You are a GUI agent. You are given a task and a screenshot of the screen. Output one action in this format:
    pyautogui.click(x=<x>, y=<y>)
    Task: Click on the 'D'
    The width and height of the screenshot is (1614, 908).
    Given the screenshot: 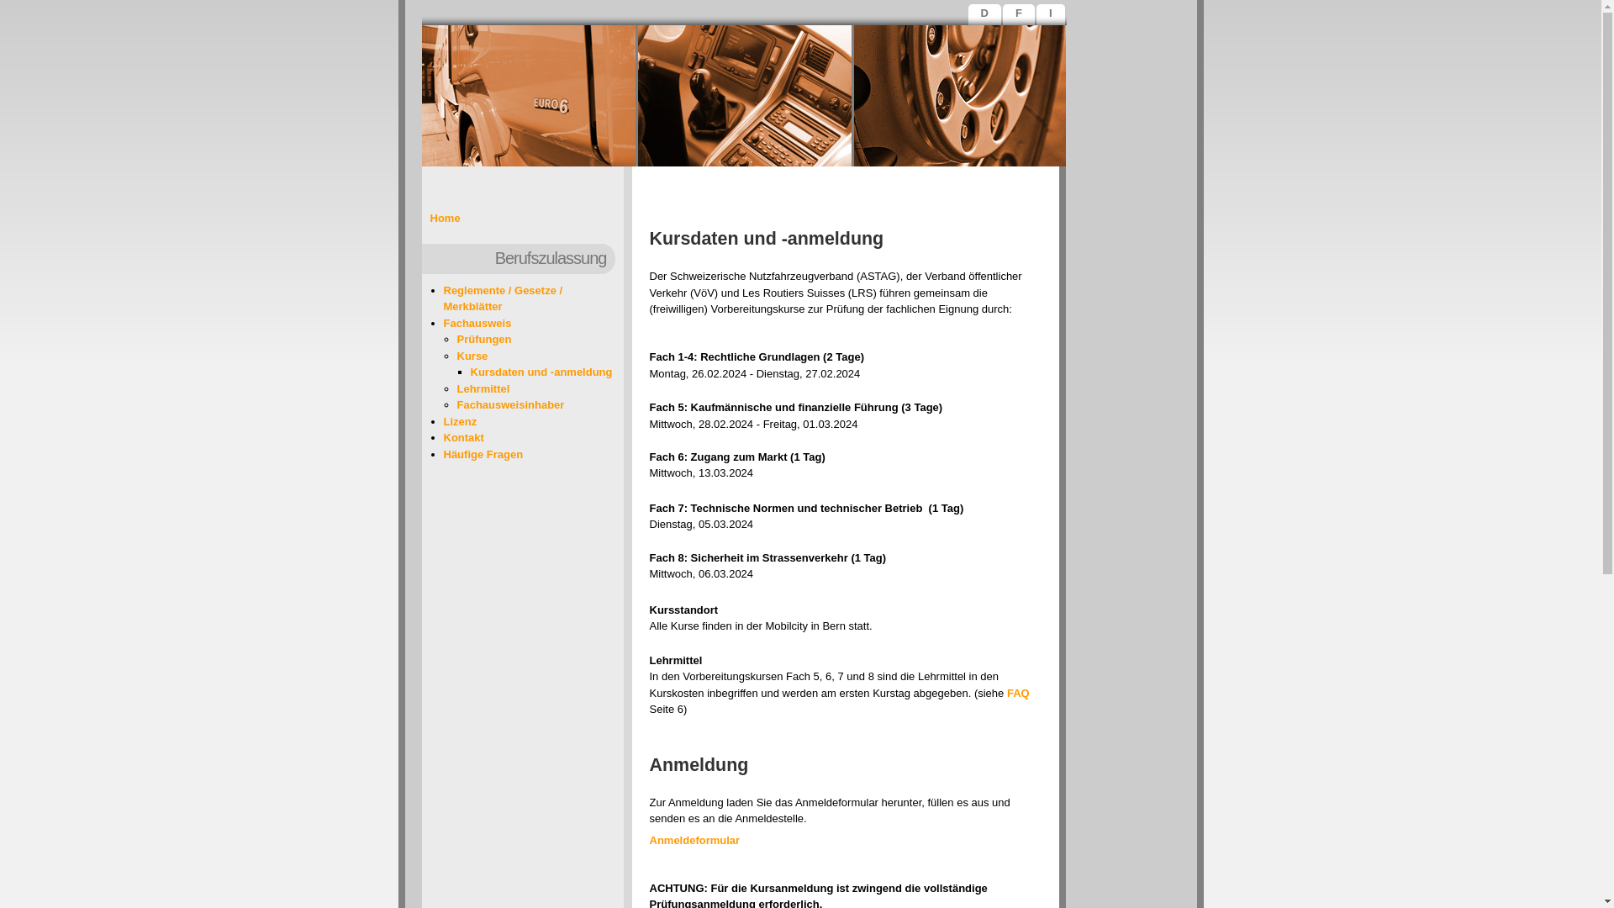 What is the action you would take?
    pyautogui.click(x=972, y=16)
    